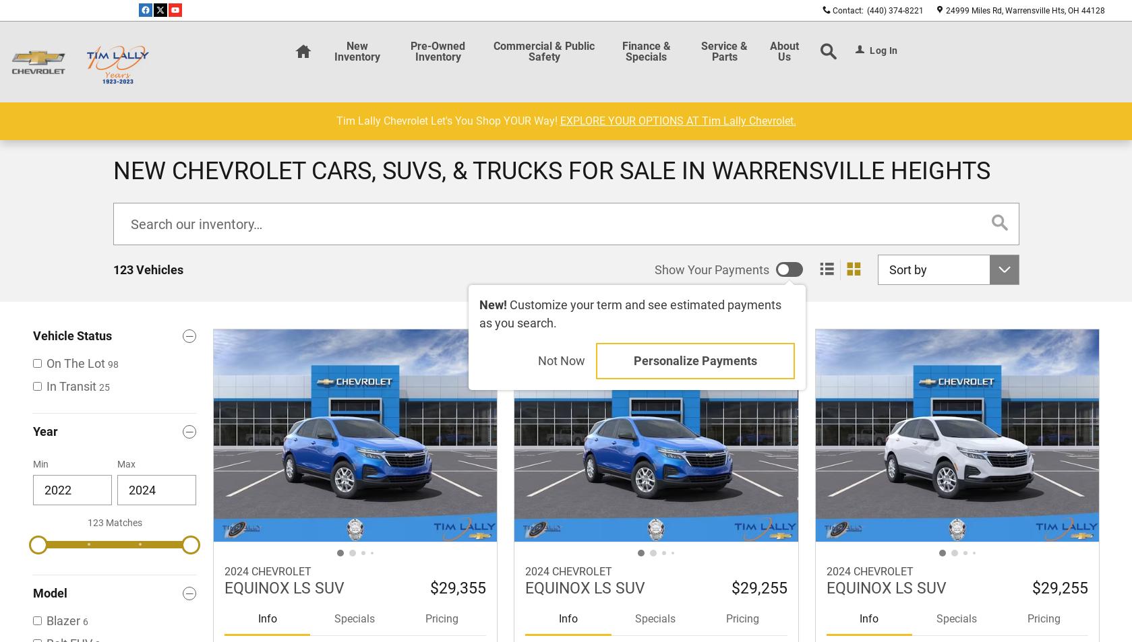  Describe the element at coordinates (458, 587) in the screenshot. I see `'$29,355'` at that location.